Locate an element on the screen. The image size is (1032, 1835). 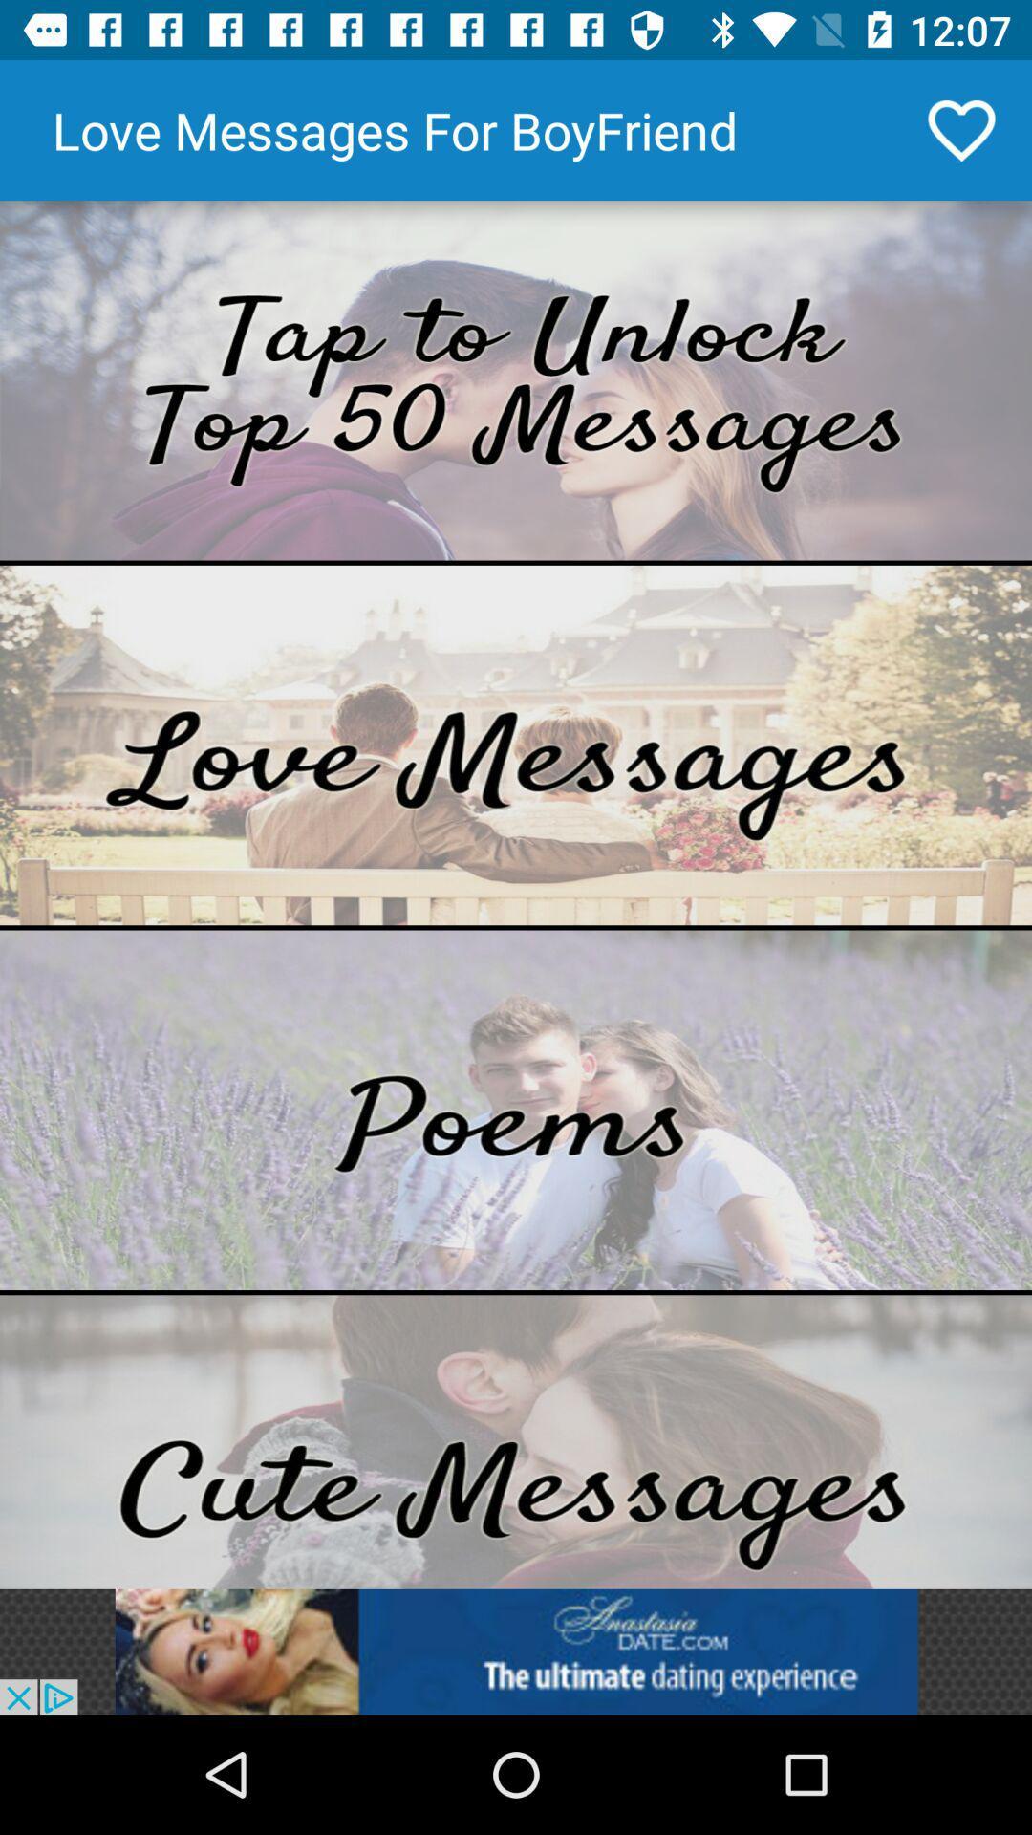
open poems is located at coordinates (516, 1110).